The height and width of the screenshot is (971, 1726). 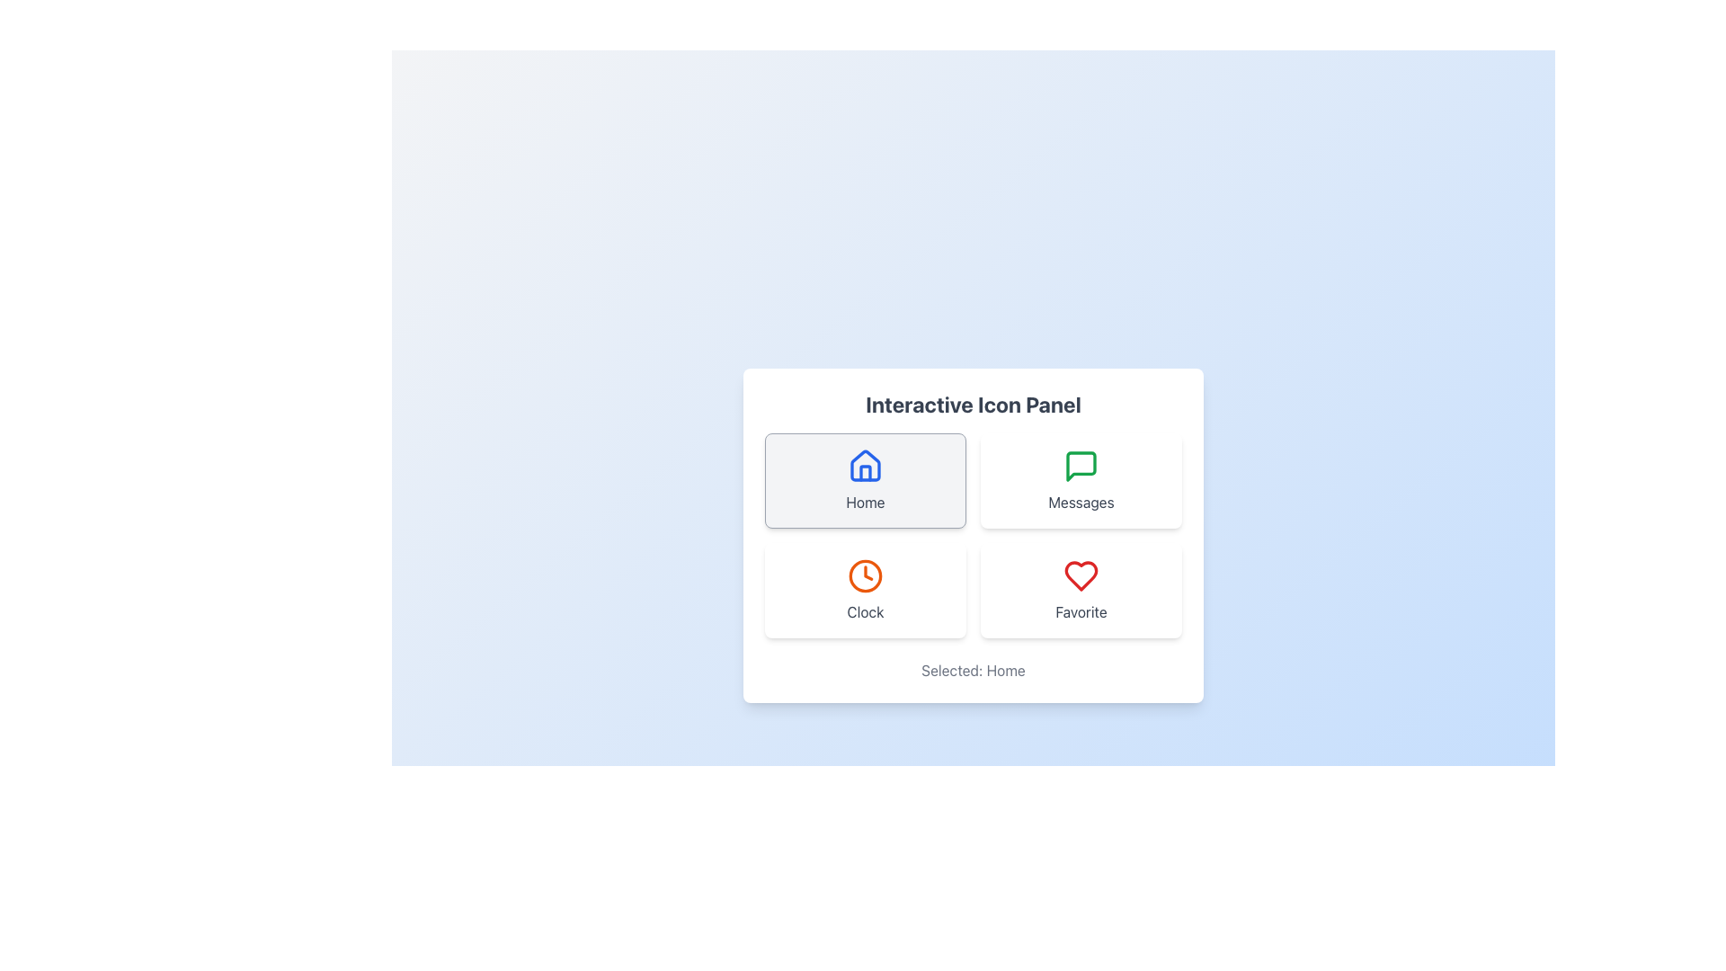 I want to click on the 'Messages' button, which is represented by a green speech bubble icon and labeled with the text 'Messages' in gray, located in the top-right quadrant of a 2x2 grid layout, so click(x=1081, y=480).